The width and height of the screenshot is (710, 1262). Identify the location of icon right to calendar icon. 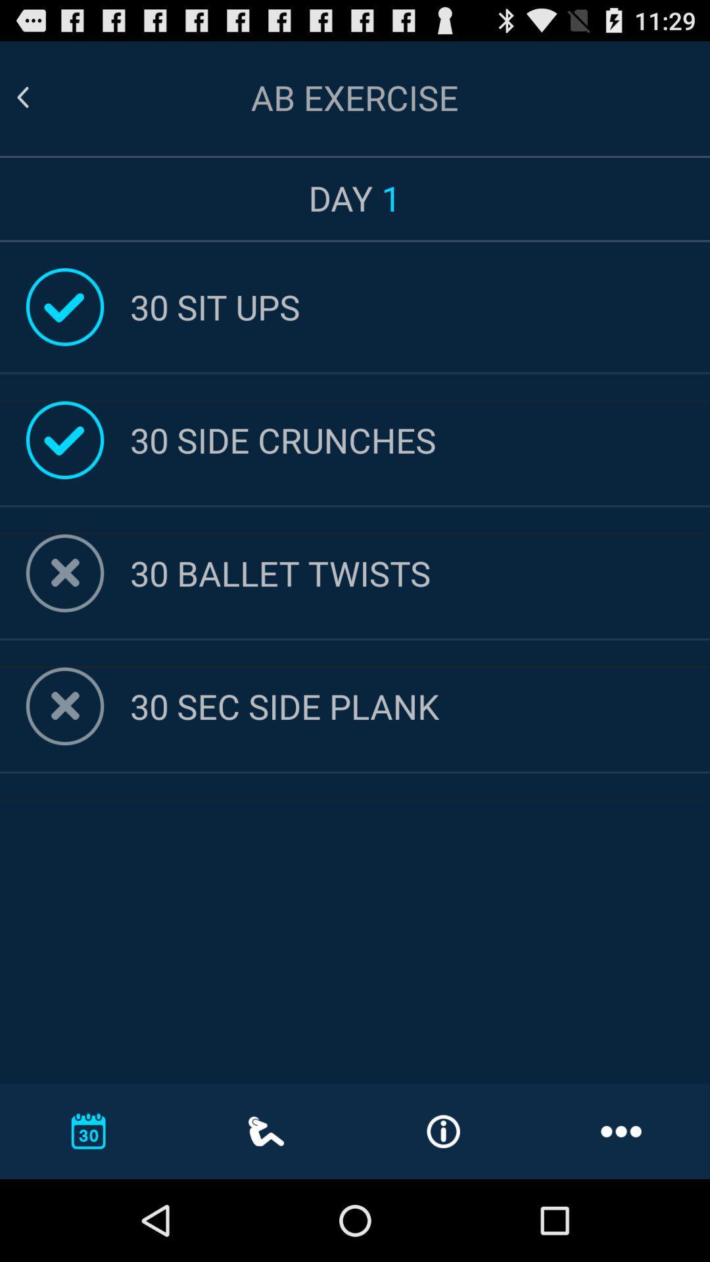
(266, 1131).